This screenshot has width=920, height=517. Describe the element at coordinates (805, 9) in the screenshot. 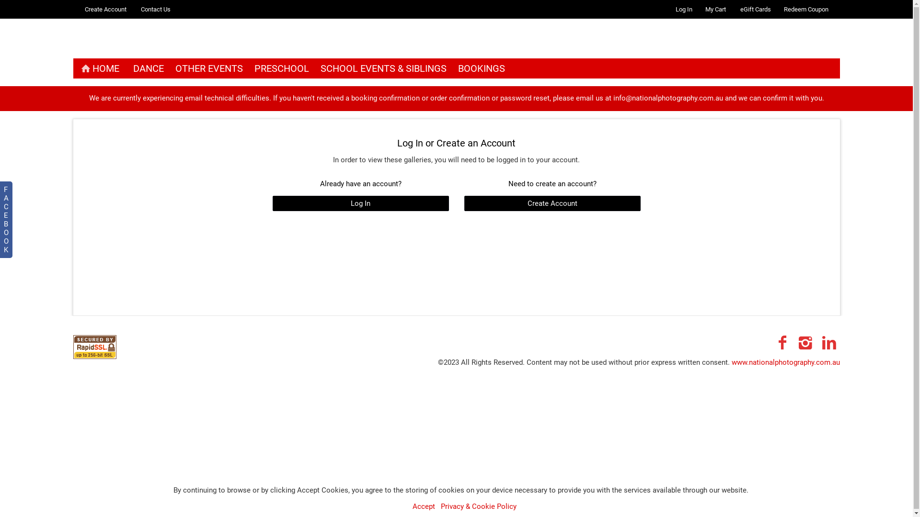

I see `'Redeem Coupon'` at that location.